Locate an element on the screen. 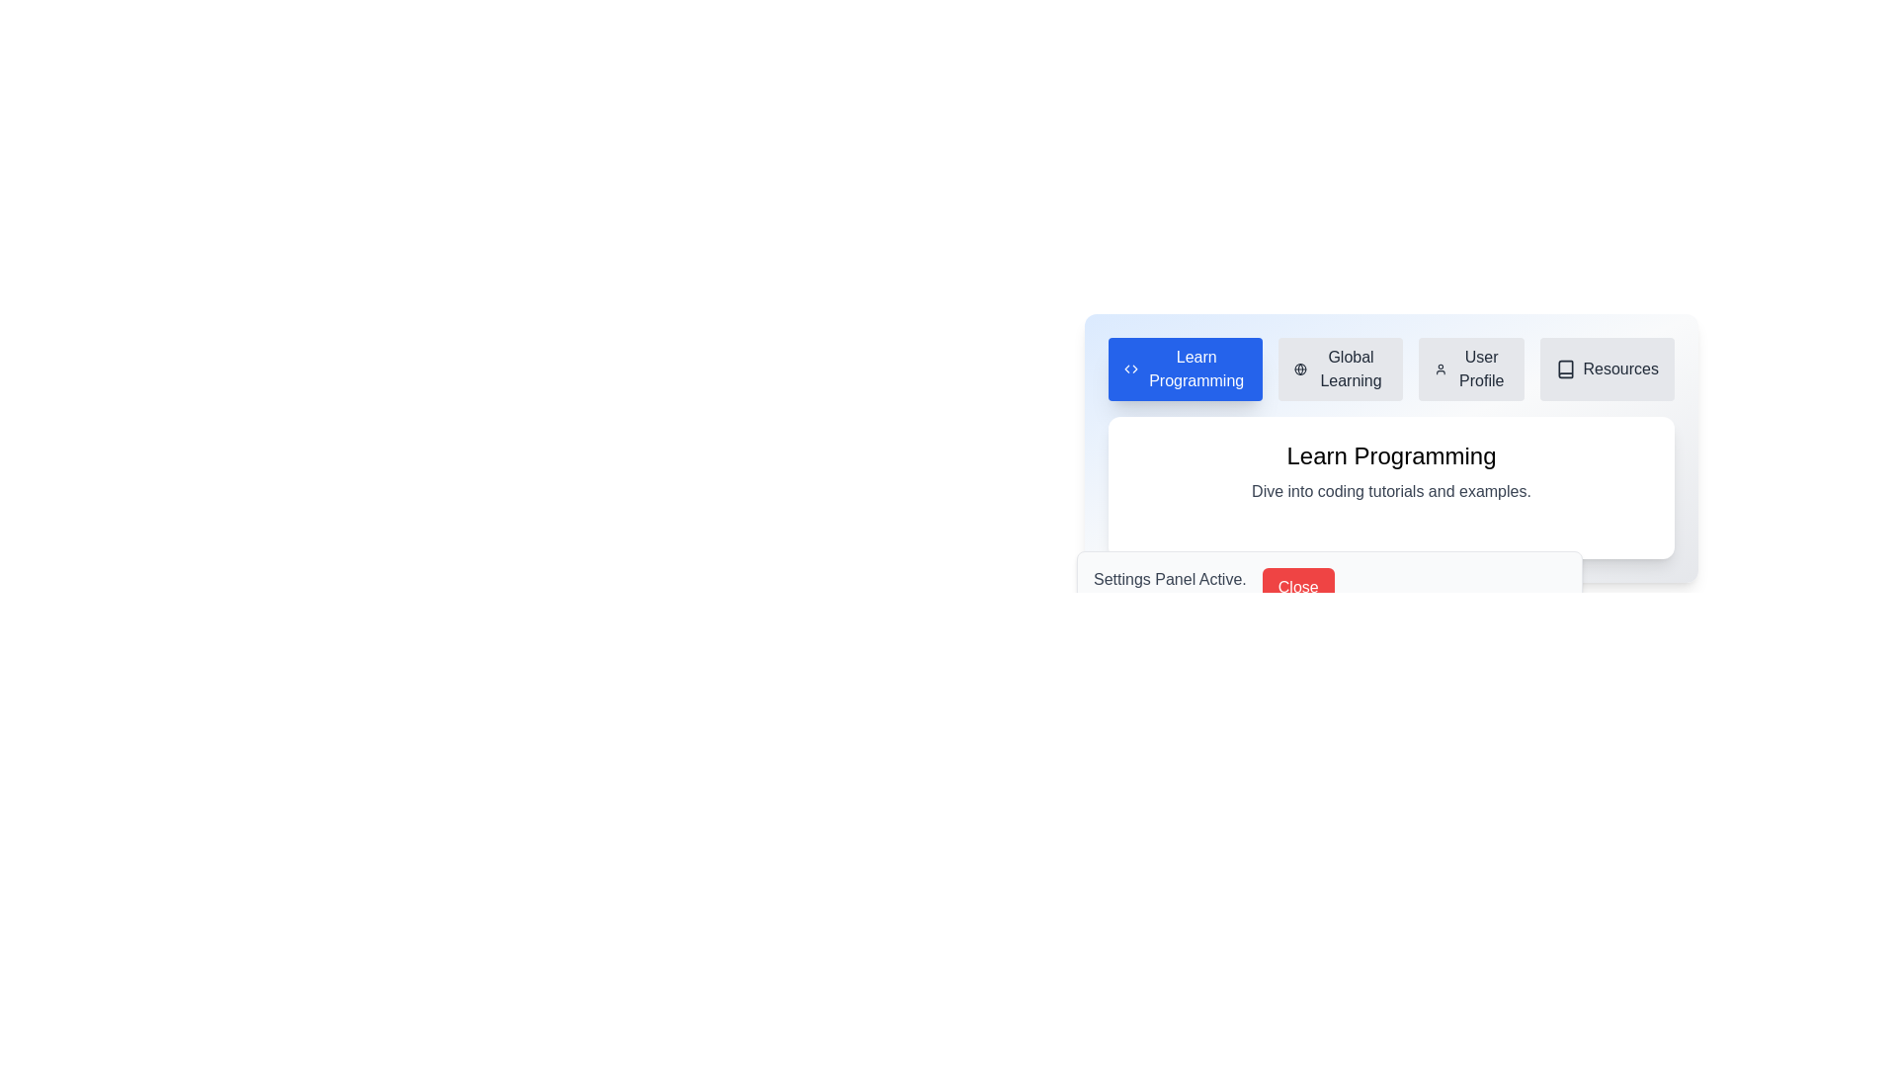 The height and width of the screenshot is (1067, 1897). the tab labeled Resources is located at coordinates (1607, 369).